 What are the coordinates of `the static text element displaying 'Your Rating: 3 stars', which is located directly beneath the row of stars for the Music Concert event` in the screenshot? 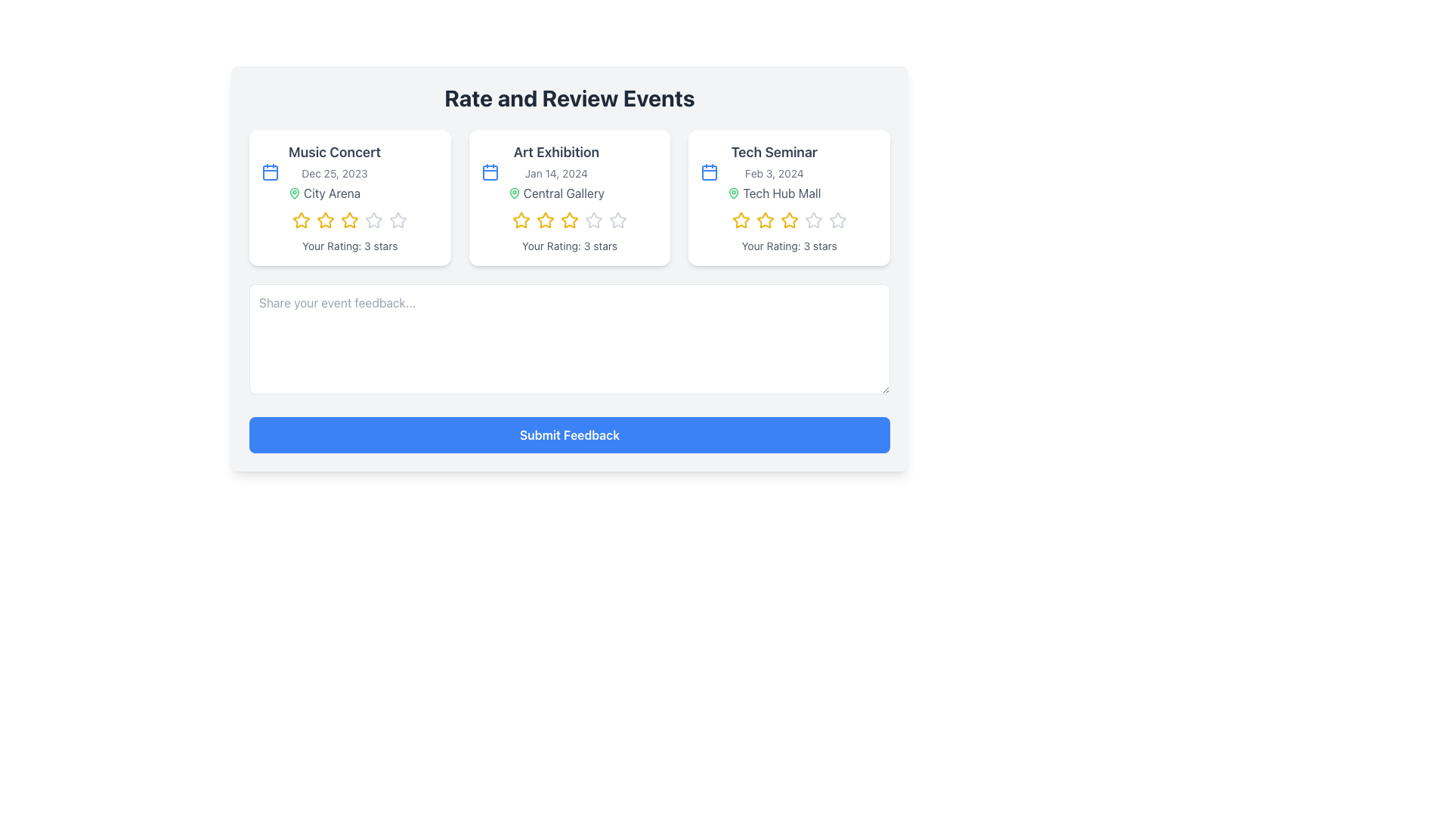 It's located at (349, 246).